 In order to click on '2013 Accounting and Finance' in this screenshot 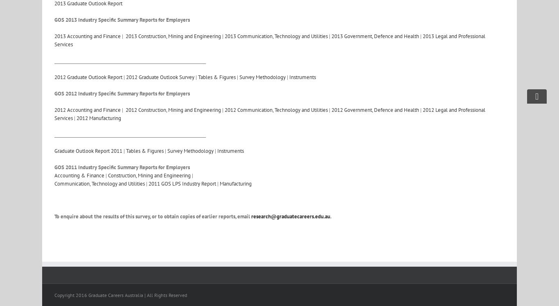, I will do `click(54, 36)`.